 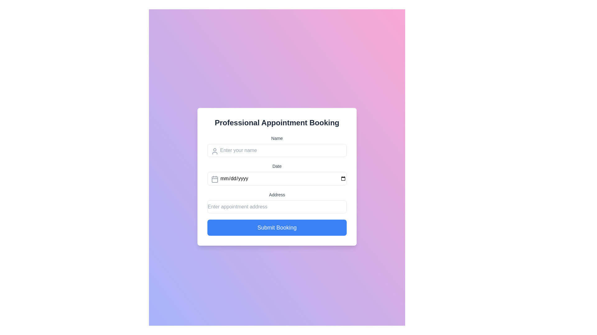 I want to click on the rectangular graphical decoration with rounded corners that is part of the calendar icon, positioned to the left of the date input field, so click(x=215, y=179).